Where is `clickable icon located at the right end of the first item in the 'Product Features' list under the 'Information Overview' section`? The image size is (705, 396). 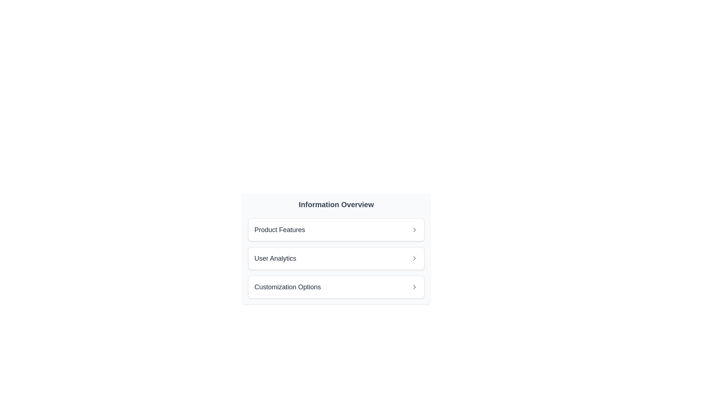
clickable icon located at the right end of the first item in the 'Product Features' list under the 'Information Overview' section is located at coordinates (414, 230).